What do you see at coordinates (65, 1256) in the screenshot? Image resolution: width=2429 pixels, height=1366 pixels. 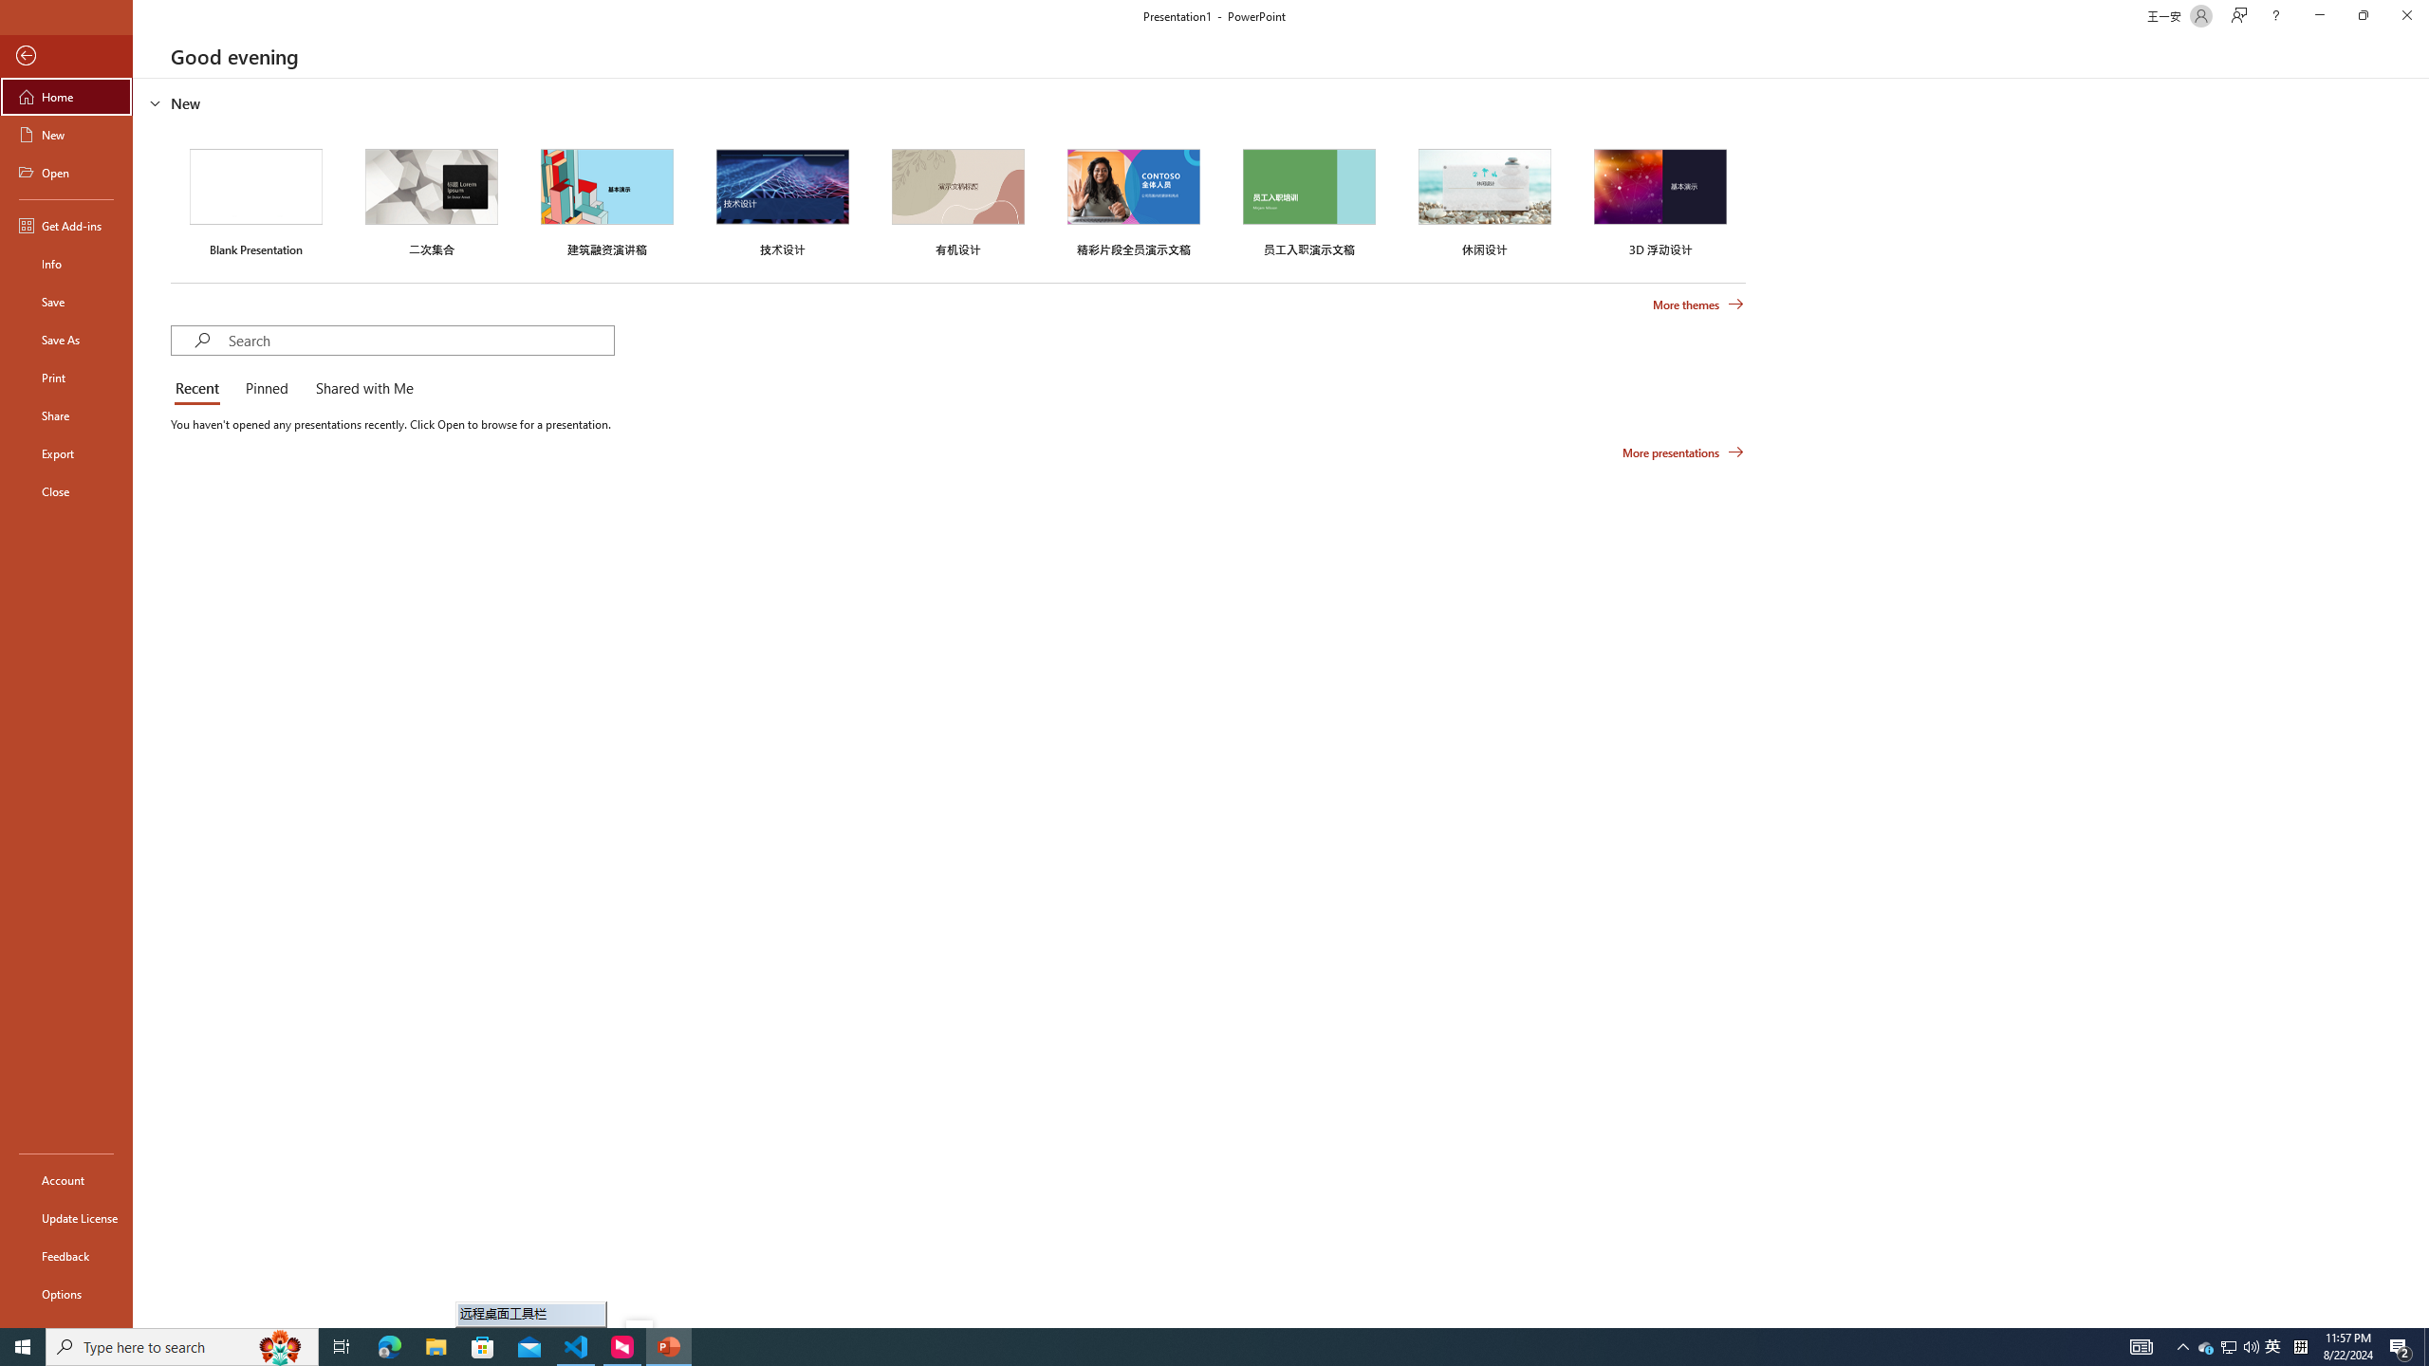 I see `'Feedback'` at bounding box center [65, 1256].